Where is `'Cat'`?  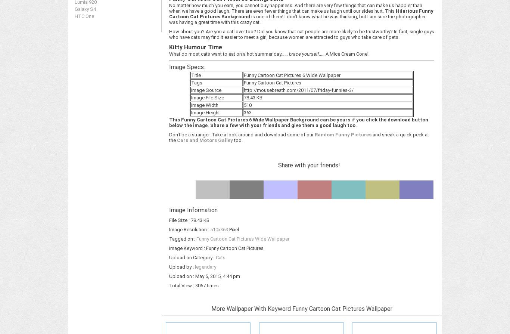 'Cat' is located at coordinates (228, 239).